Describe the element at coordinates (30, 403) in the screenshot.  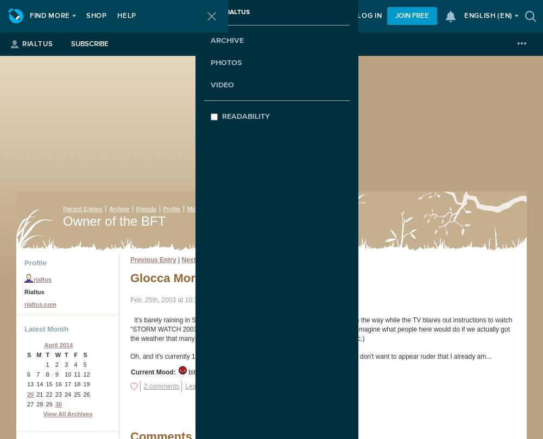
I see `'27'` at that location.